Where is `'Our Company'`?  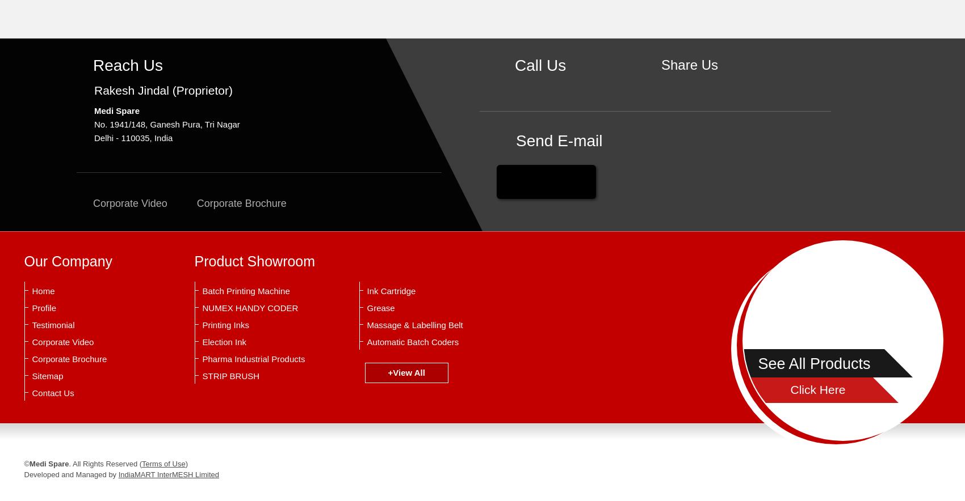 'Our Company' is located at coordinates (23, 261).